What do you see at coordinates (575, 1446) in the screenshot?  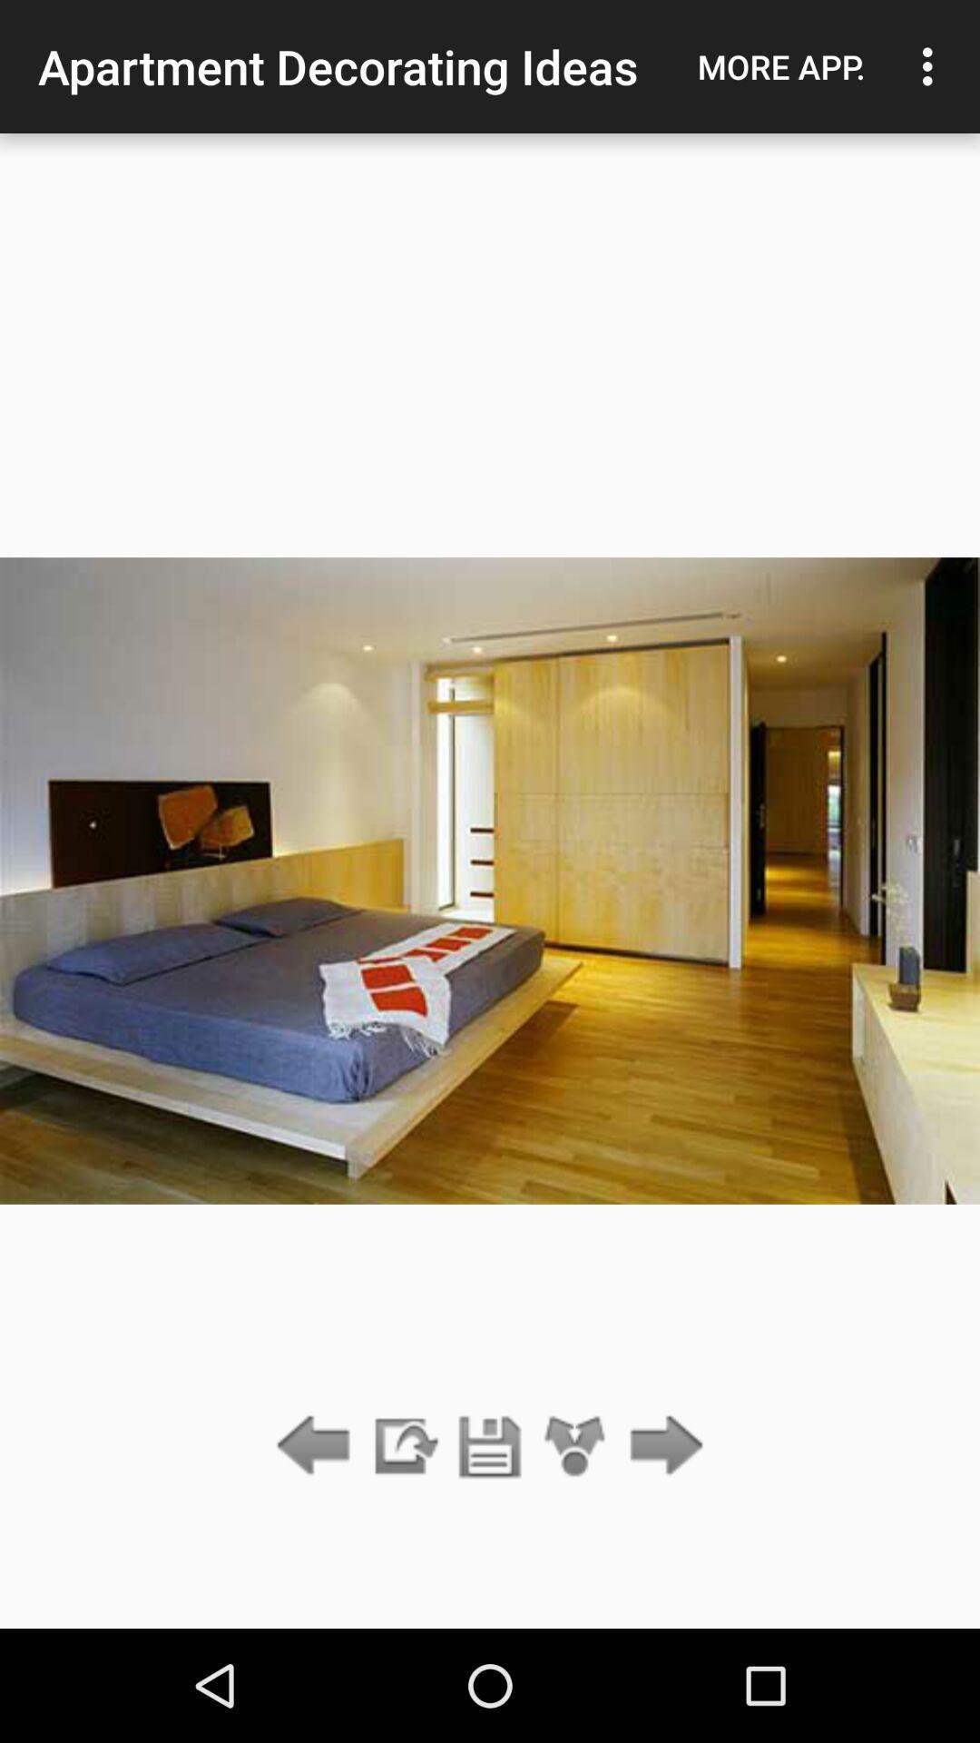 I see `the share icon` at bounding box center [575, 1446].